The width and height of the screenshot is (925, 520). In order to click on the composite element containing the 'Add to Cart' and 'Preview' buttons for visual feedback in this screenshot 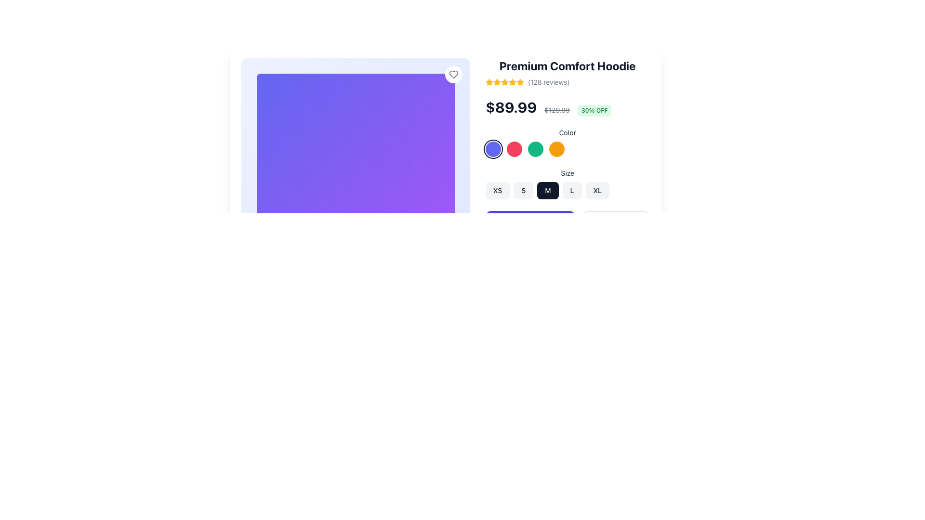, I will do `click(568, 223)`.